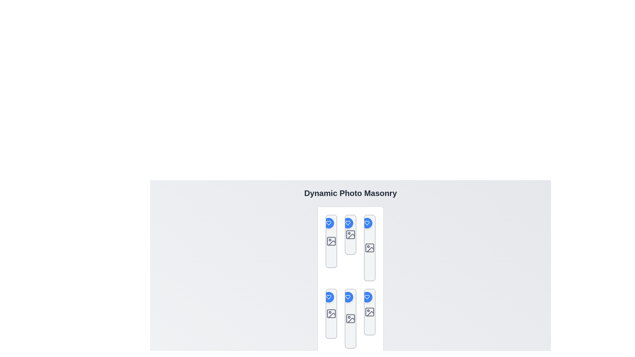 Image resolution: width=635 pixels, height=357 pixels. What do you see at coordinates (328, 297) in the screenshot?
I see `the circular blue button with a white heart icon located in the top-right corner of the gray card in the second column of the bottom row, for extended interaction options` at bounding box center [328, 297].